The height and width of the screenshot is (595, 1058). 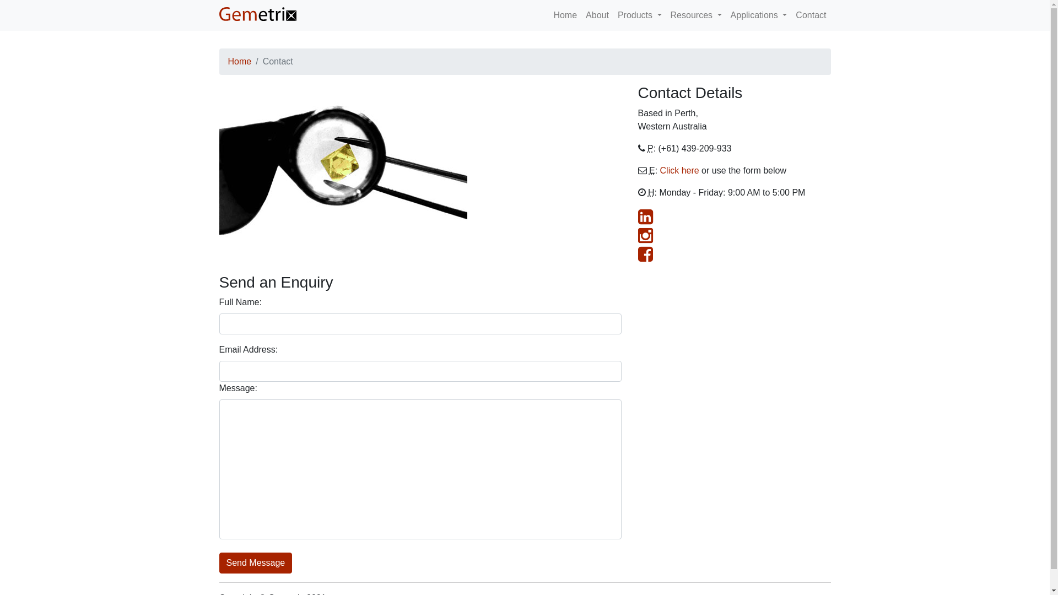 What do you see at coordinates (660, 170) in the screenshot?
I see `'Click here'` at bounding box center [660, 170].